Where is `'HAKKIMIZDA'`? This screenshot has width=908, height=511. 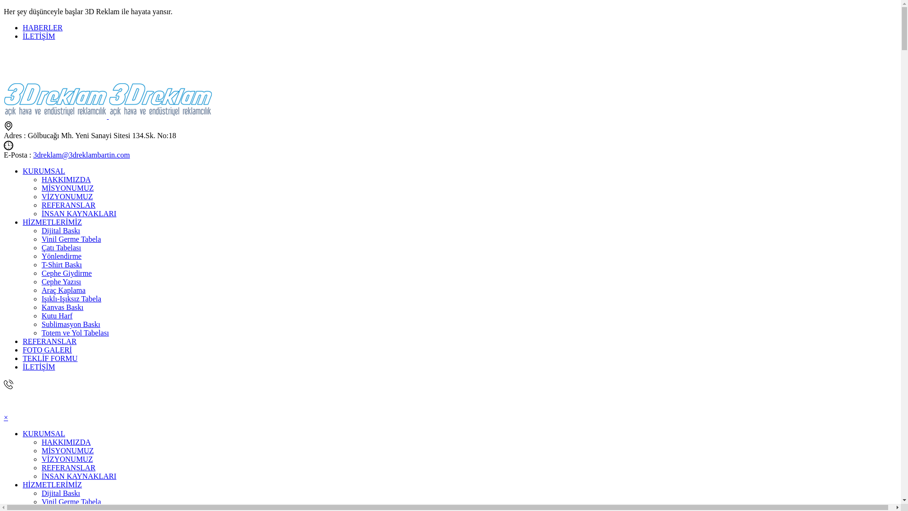
'HAKKIMIZDA' is located at coordinates (65, 442).